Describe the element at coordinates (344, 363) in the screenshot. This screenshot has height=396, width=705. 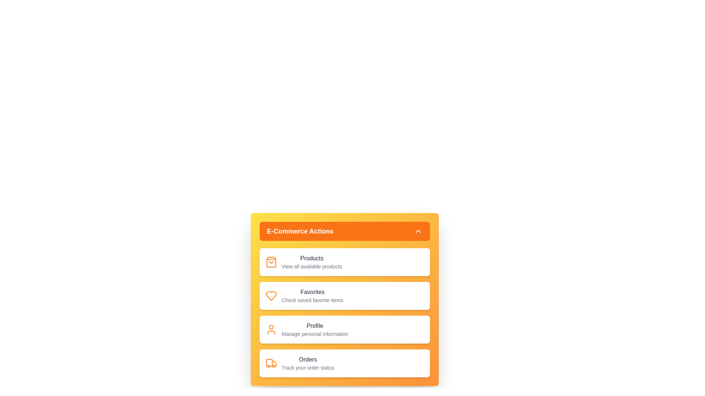
I see `the menu item Orders to reveal its details` at that location.